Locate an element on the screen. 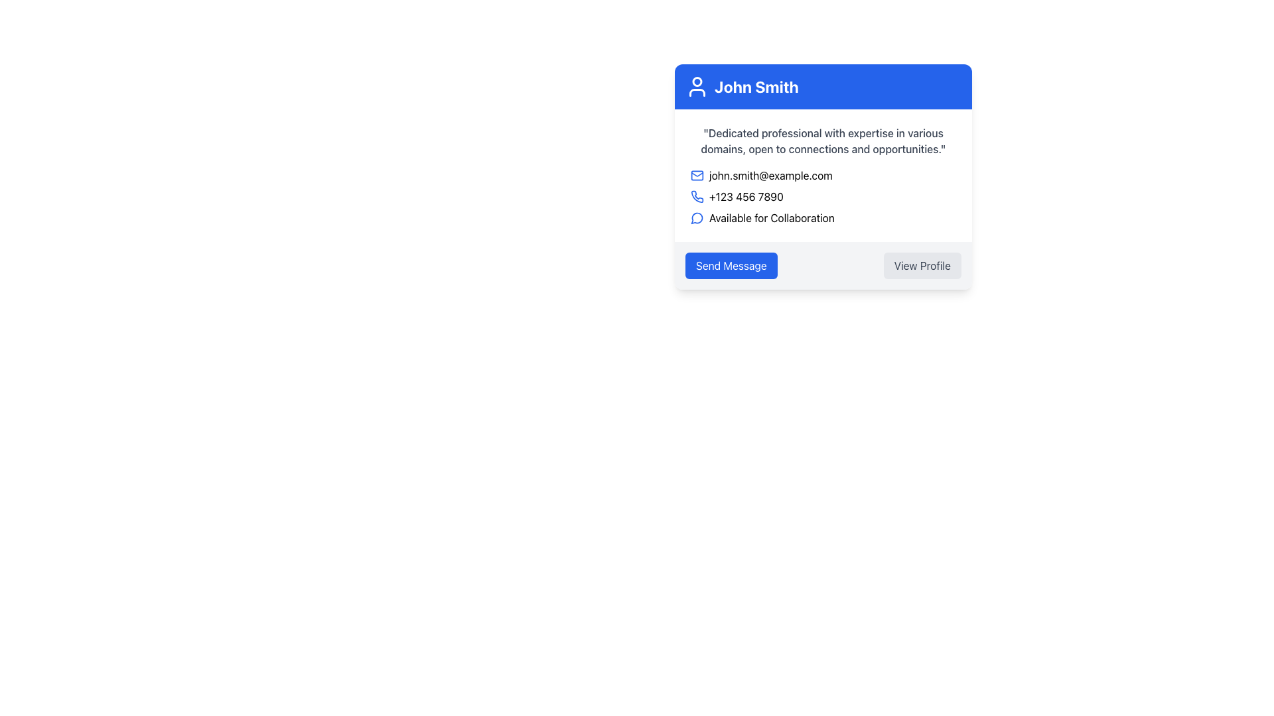  the blue 'Send Message' button with white text, located in the lower-left corner of the interactive buttons section to send a message is located at coordinates (731, 266).